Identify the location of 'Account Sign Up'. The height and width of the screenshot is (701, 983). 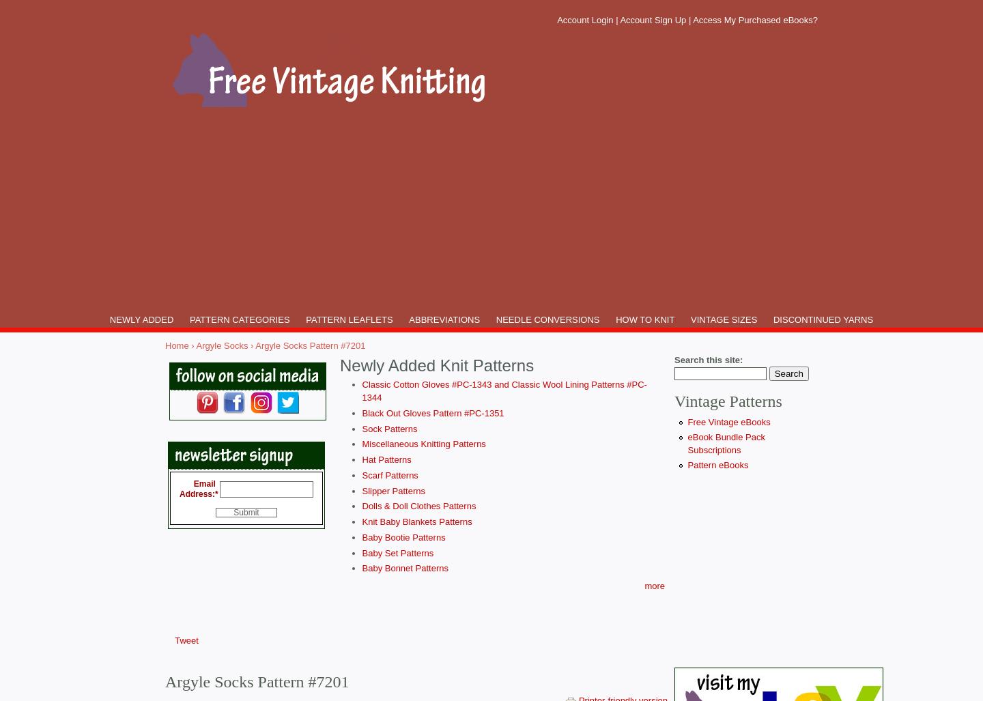
(653, 19).